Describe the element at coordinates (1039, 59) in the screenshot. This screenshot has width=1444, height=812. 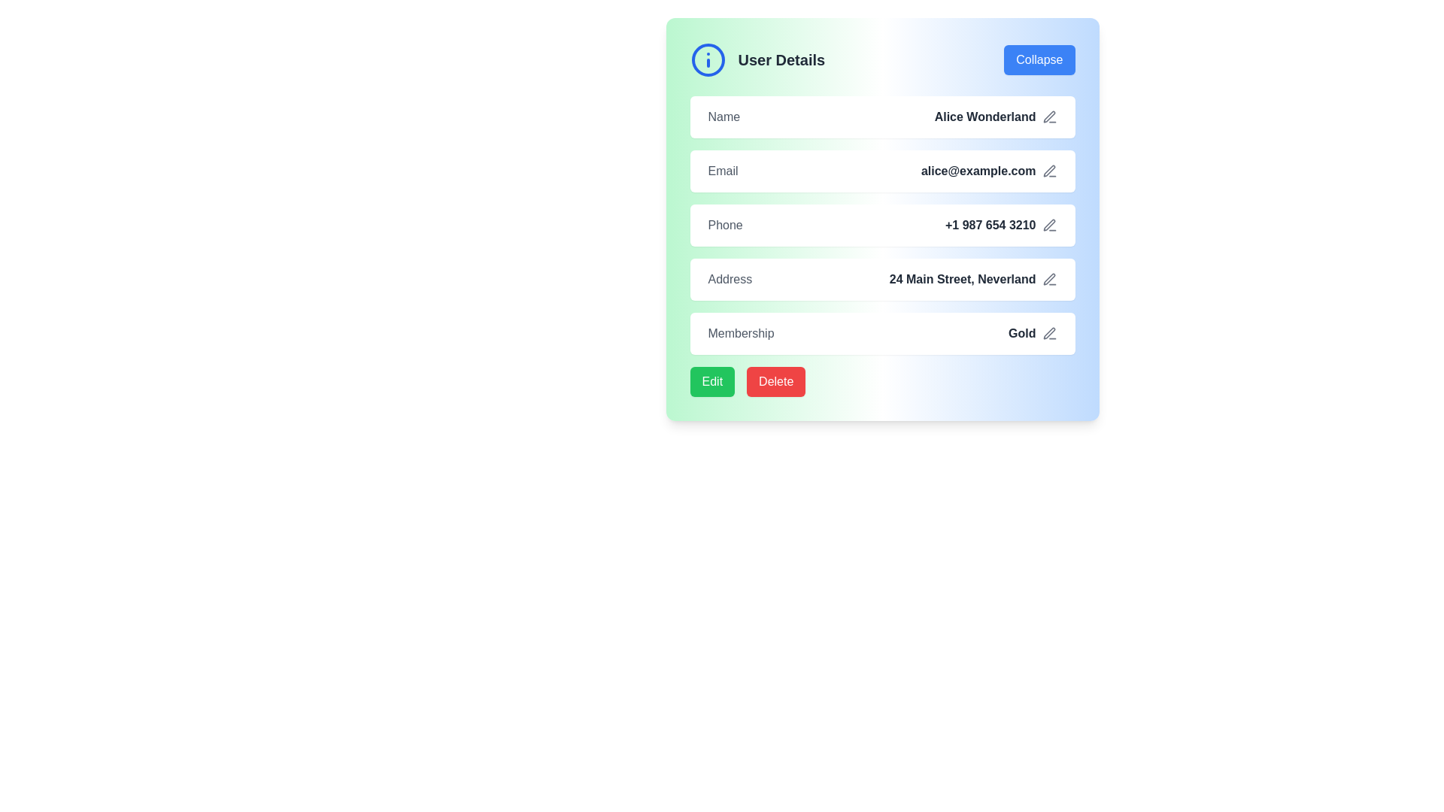
I see `the blue 'Collapse' button with rounded corners in the top-right corner of the 'User Details' panel` at that location.